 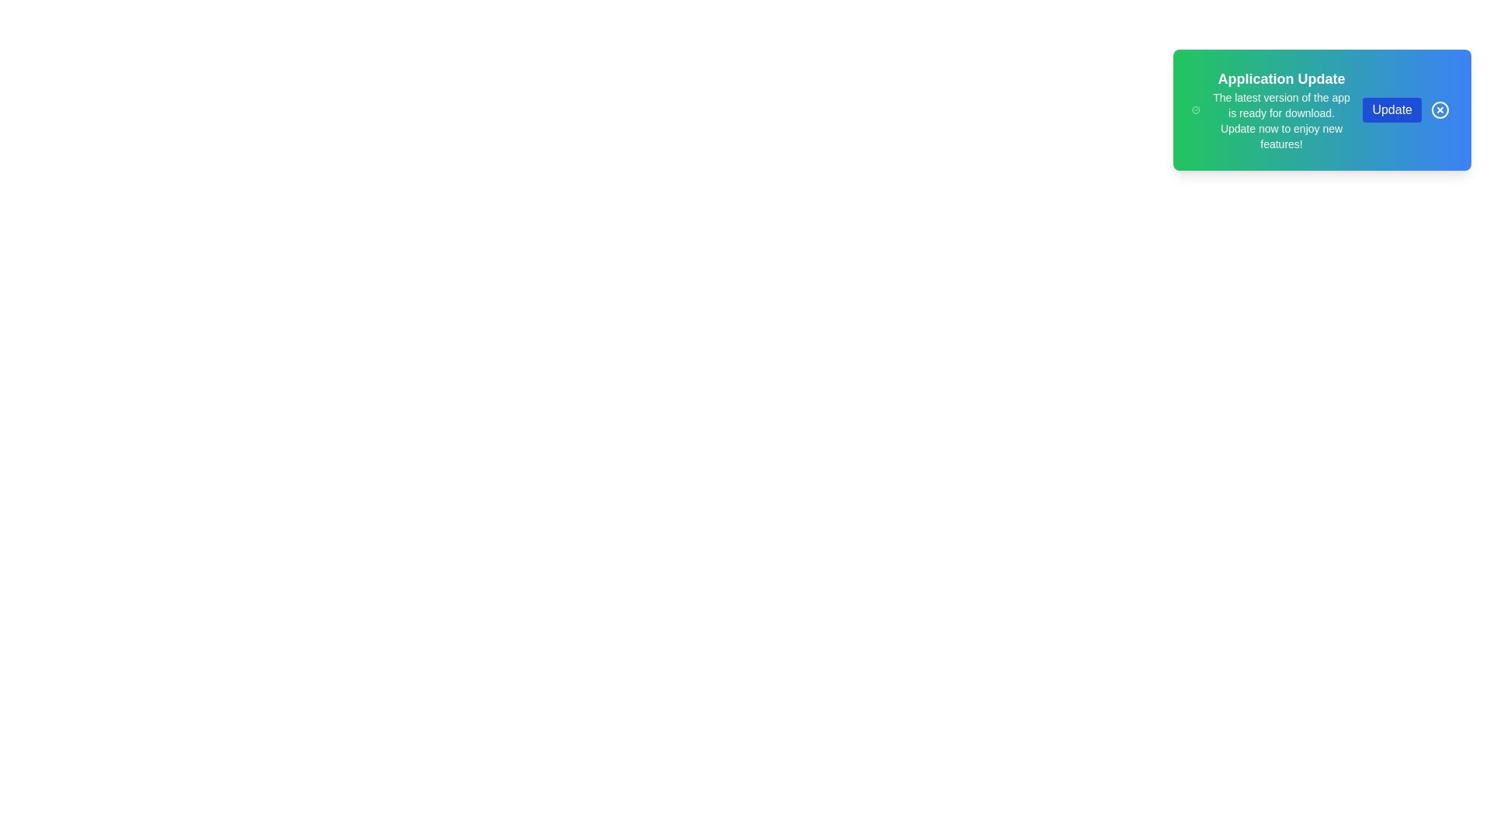 I want to click on the 'Close' button (X icon) to dismiss the notification, so click(x=1440, y=109).